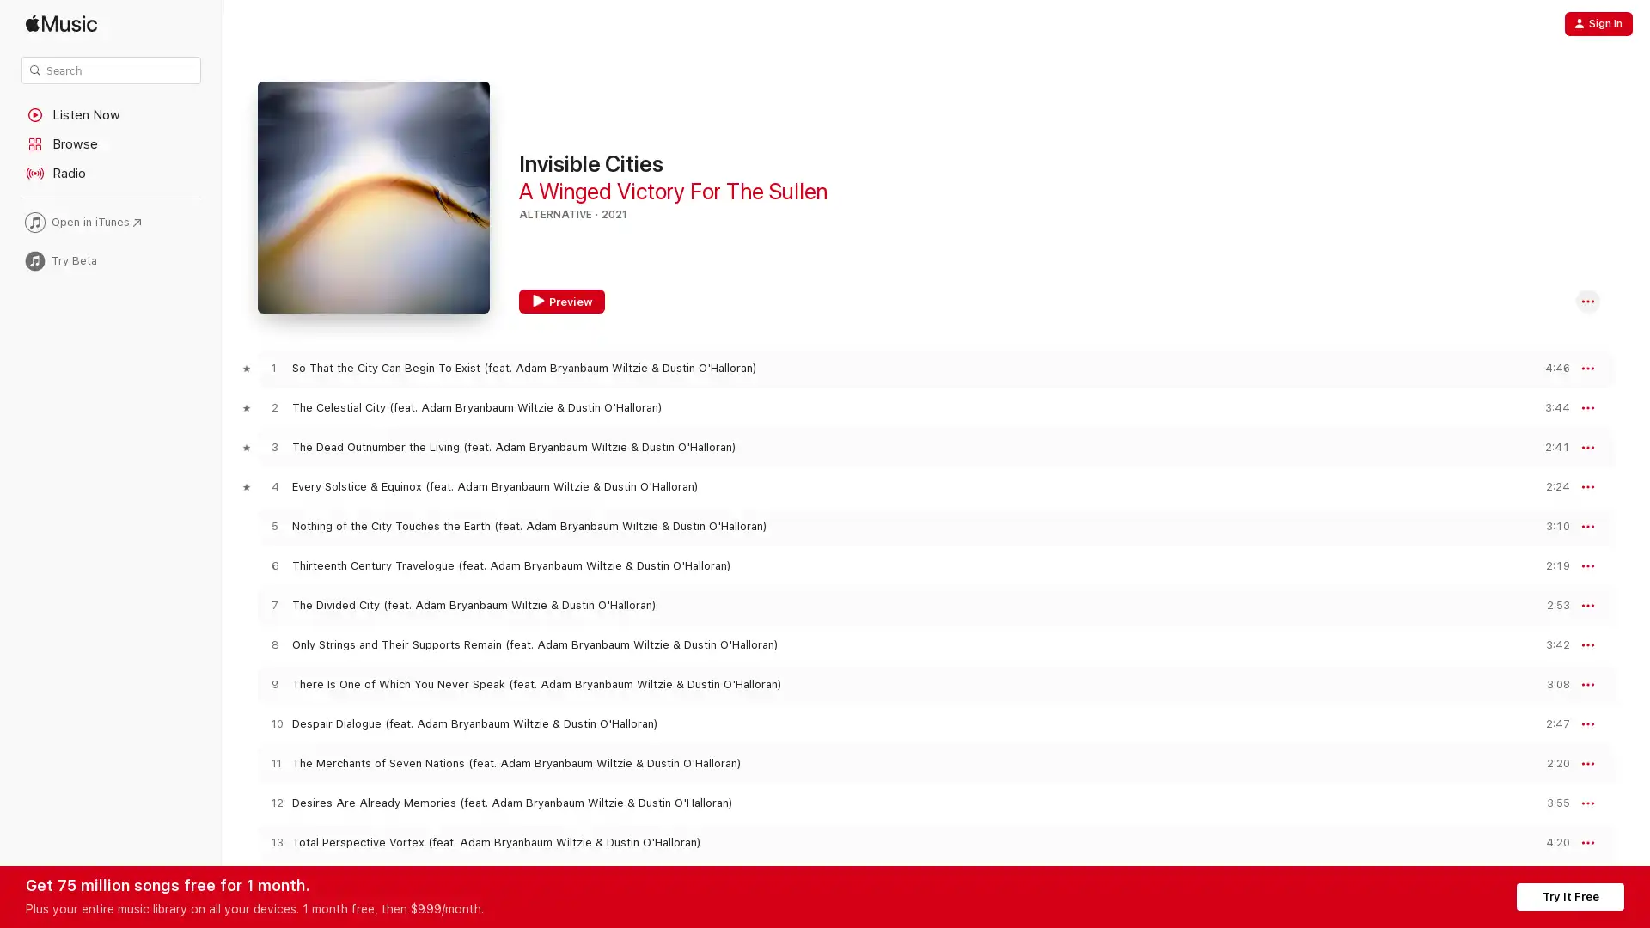 Image resolution: width=1650 pixels, height=928 pixels. Describe the element at coordinates (1550, 762) in the screenshot. I see `Preview` at that location.